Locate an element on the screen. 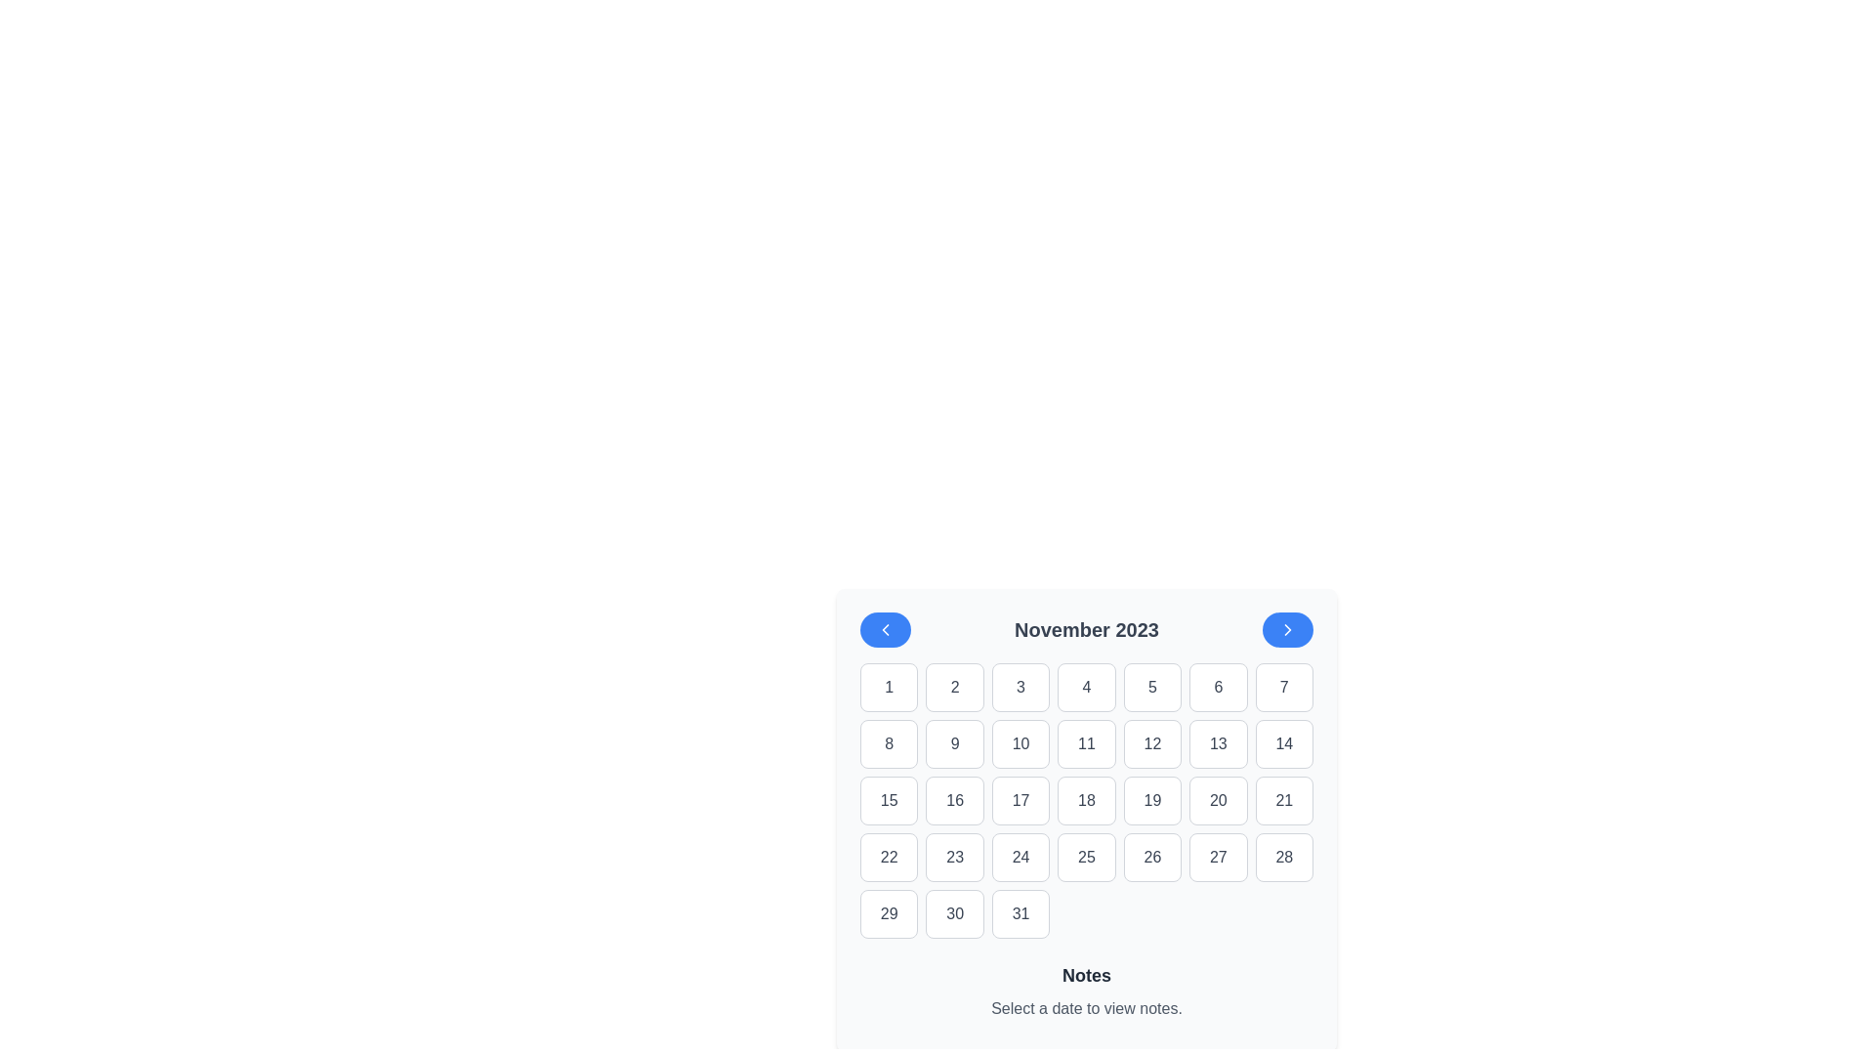 The image size is (1875, 1055). the square button with a white background and '27' text is located at coordinates (1217, 857).